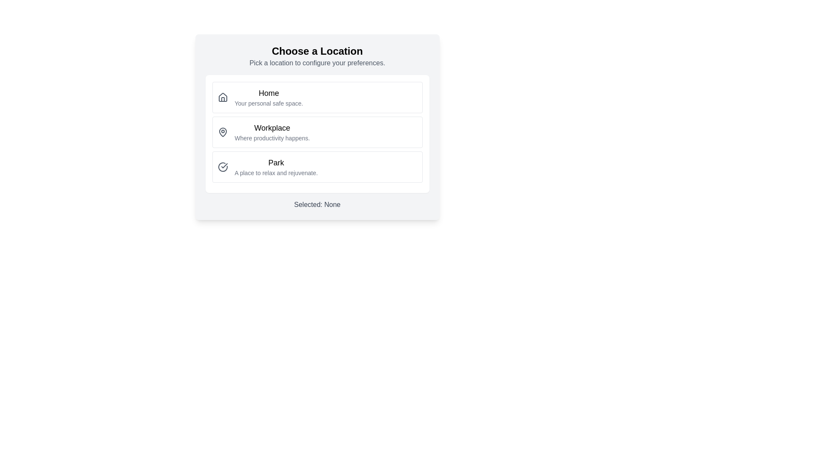  Describe the element at coordinates (317, 127) in the screenshot. I see `the second selectable option for 'Workplace' in the vertical list of options, which is contained in a white rounded rectangle with a shadowed background` at that location.